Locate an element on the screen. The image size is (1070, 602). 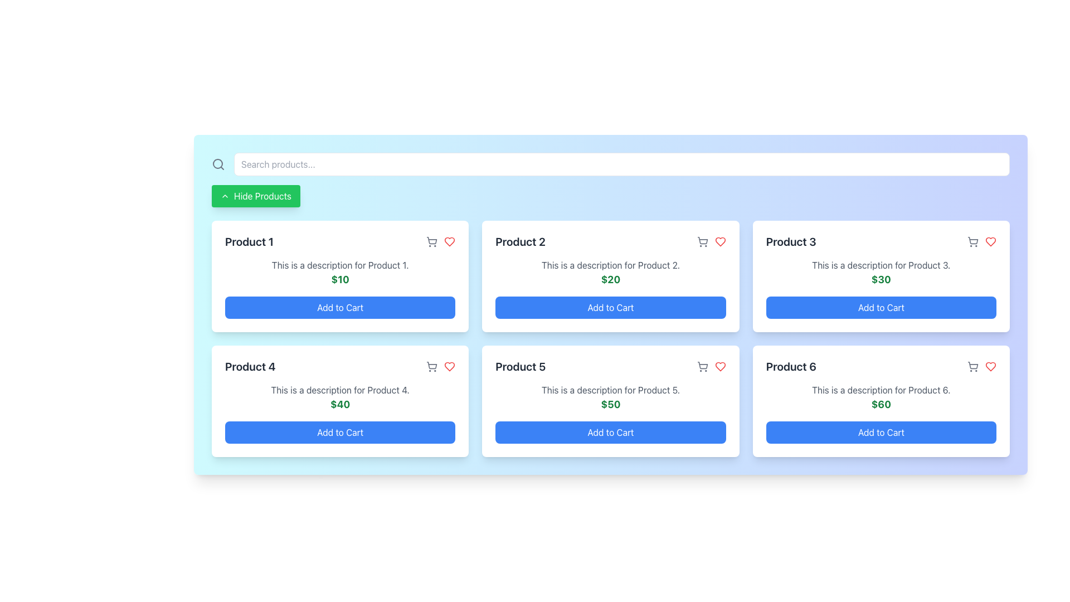
the second icon from the right, which serves as a favorite button to mark the product as a favorite is located at coordinates (449, 241).